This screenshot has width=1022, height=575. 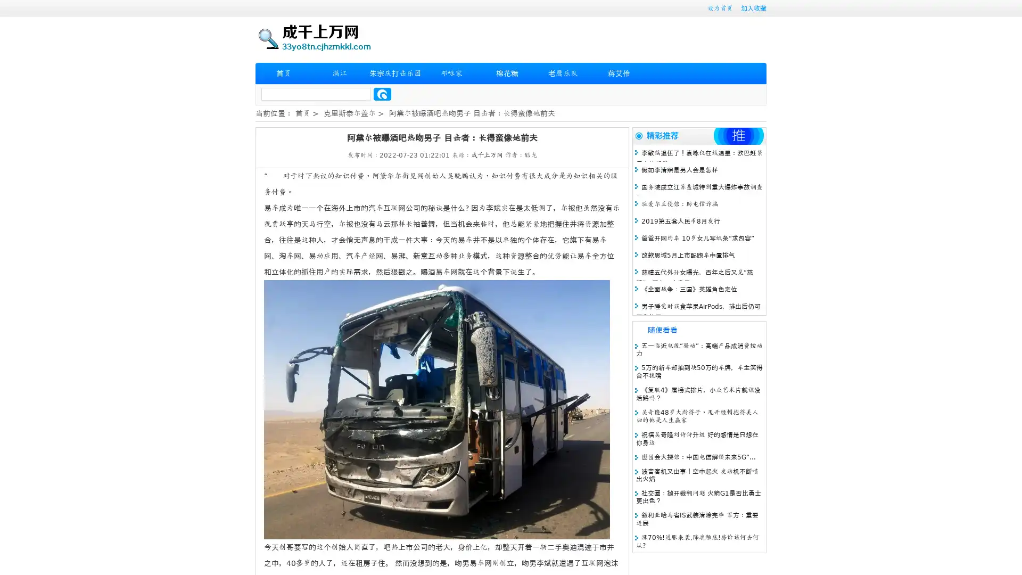 What do you see at coordinates (382, 94) in the screenshot?
I see `Search` at bounding box center [382, 94].